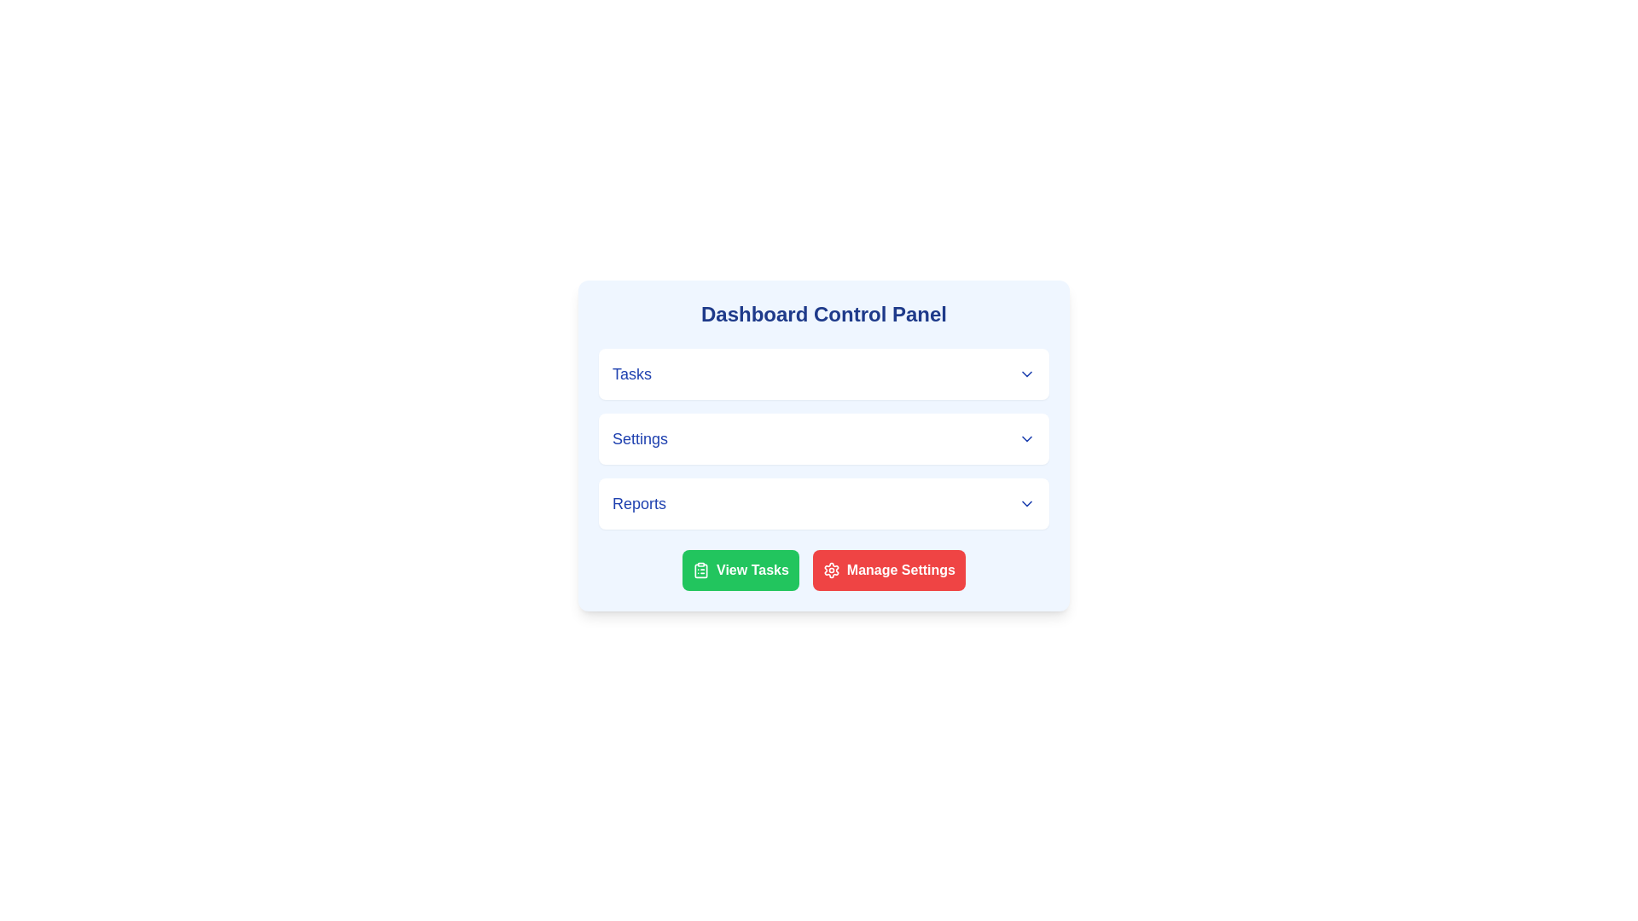 This screenshot has width=1638, height=921. I want to click on the gear icon representing the 'Manage Settings' button on the dashboard interface, indicating configuration functionality, so click(831, 570).